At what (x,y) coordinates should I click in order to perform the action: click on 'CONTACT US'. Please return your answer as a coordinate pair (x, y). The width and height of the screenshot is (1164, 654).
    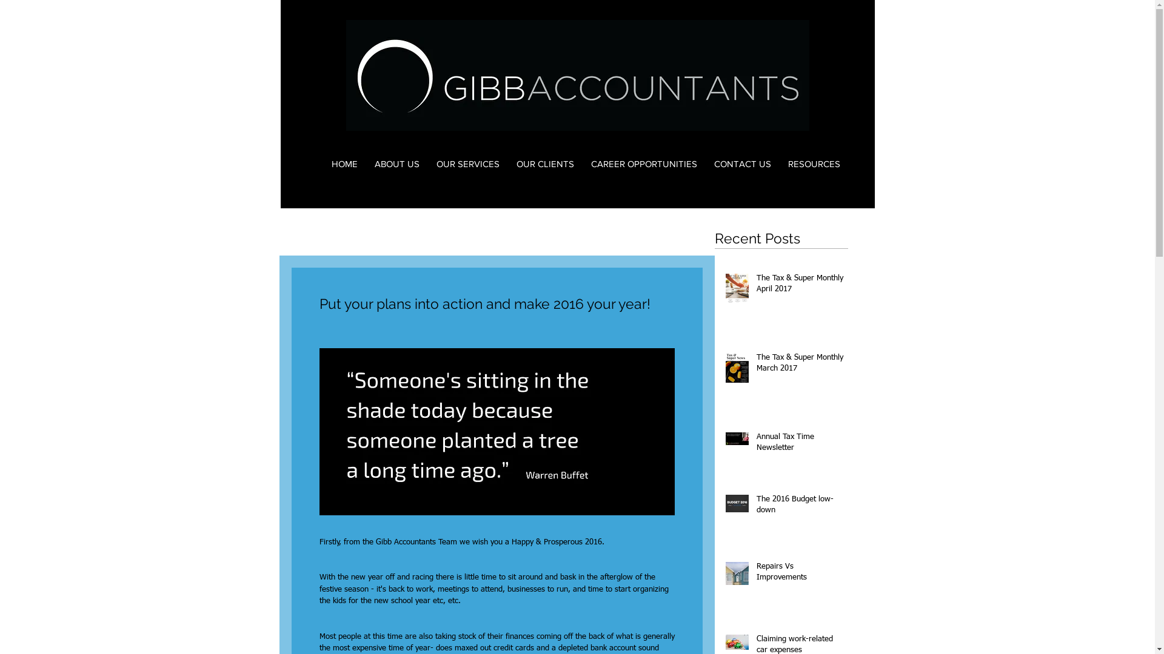
    Looking at the image, I should click on (741, 163).